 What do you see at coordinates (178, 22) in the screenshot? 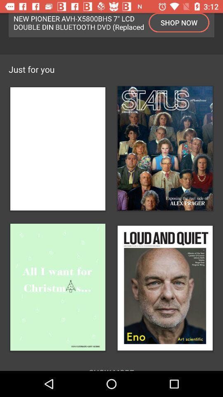
I see `icon at the top right corner` at bounding box center [178, 22].